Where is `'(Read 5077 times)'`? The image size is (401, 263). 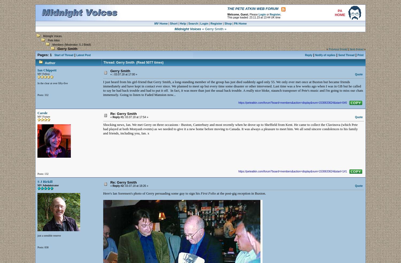 '(Read 5077 times)' is located at coordinates (149, 62).